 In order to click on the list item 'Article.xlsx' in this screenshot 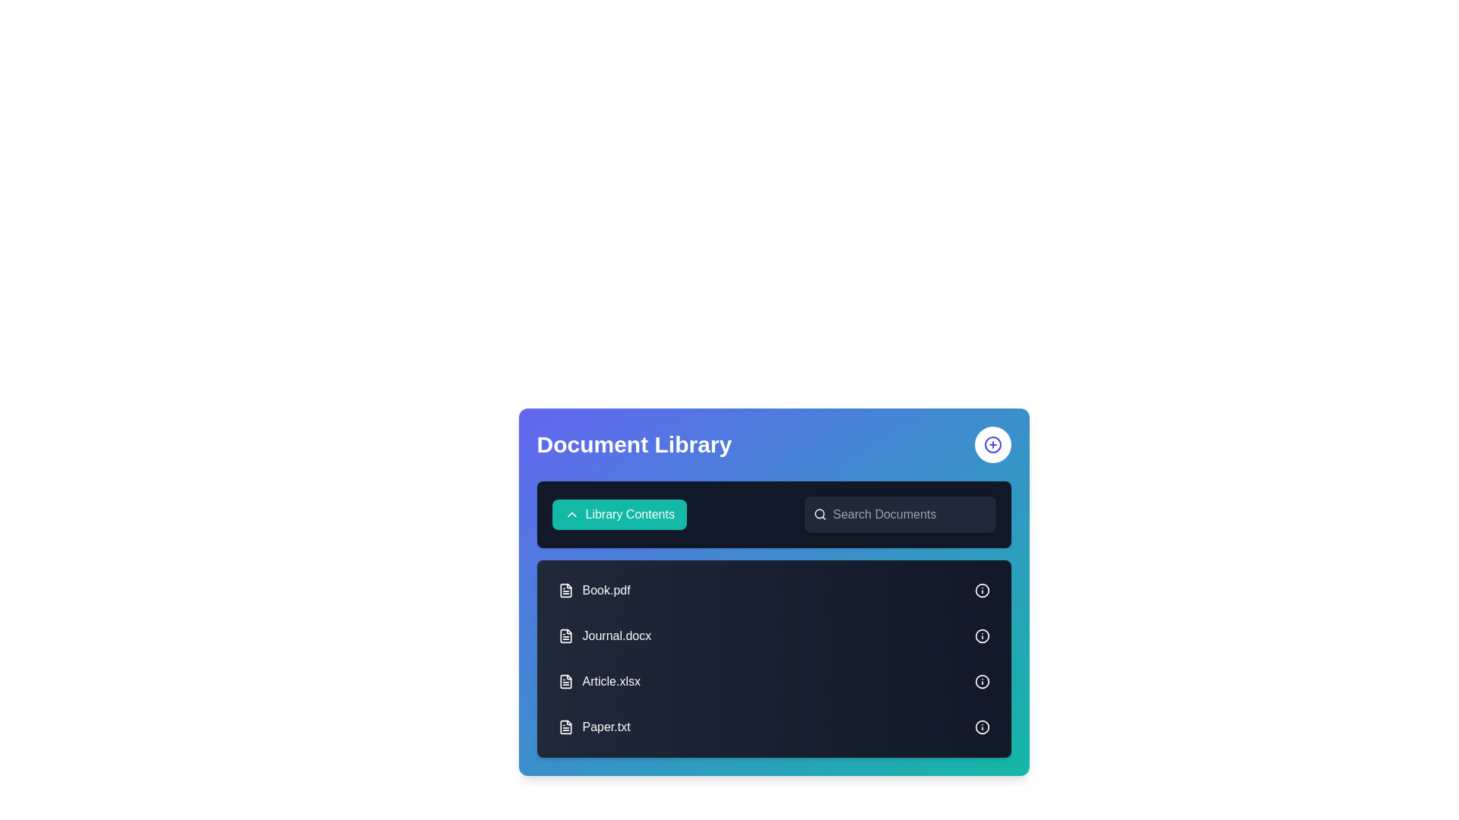, I will do `click(774, 681)`.